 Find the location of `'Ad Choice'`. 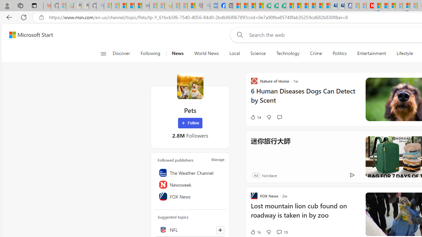

'Ad Choice' is located at coordinates (352, 175).